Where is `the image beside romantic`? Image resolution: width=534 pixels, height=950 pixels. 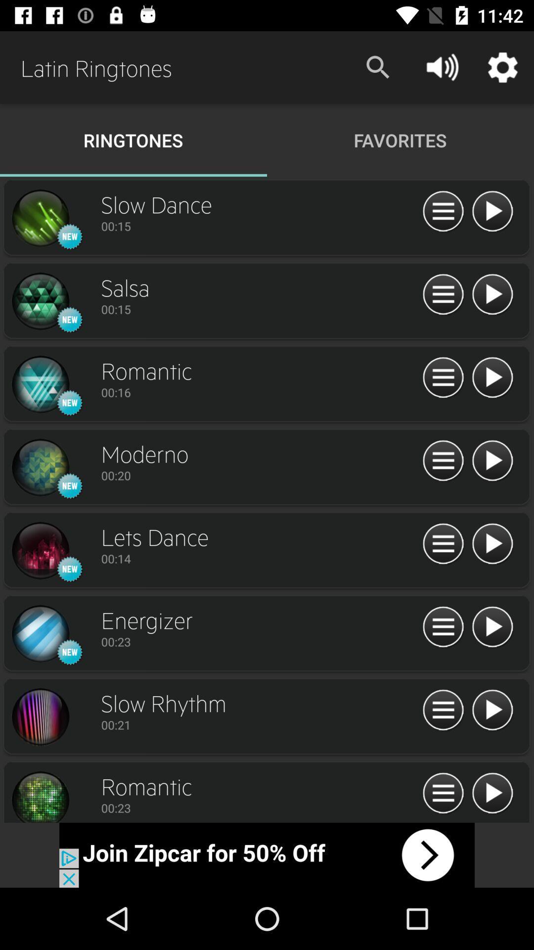 the image beside romantic is located at coordinates (40, 796).